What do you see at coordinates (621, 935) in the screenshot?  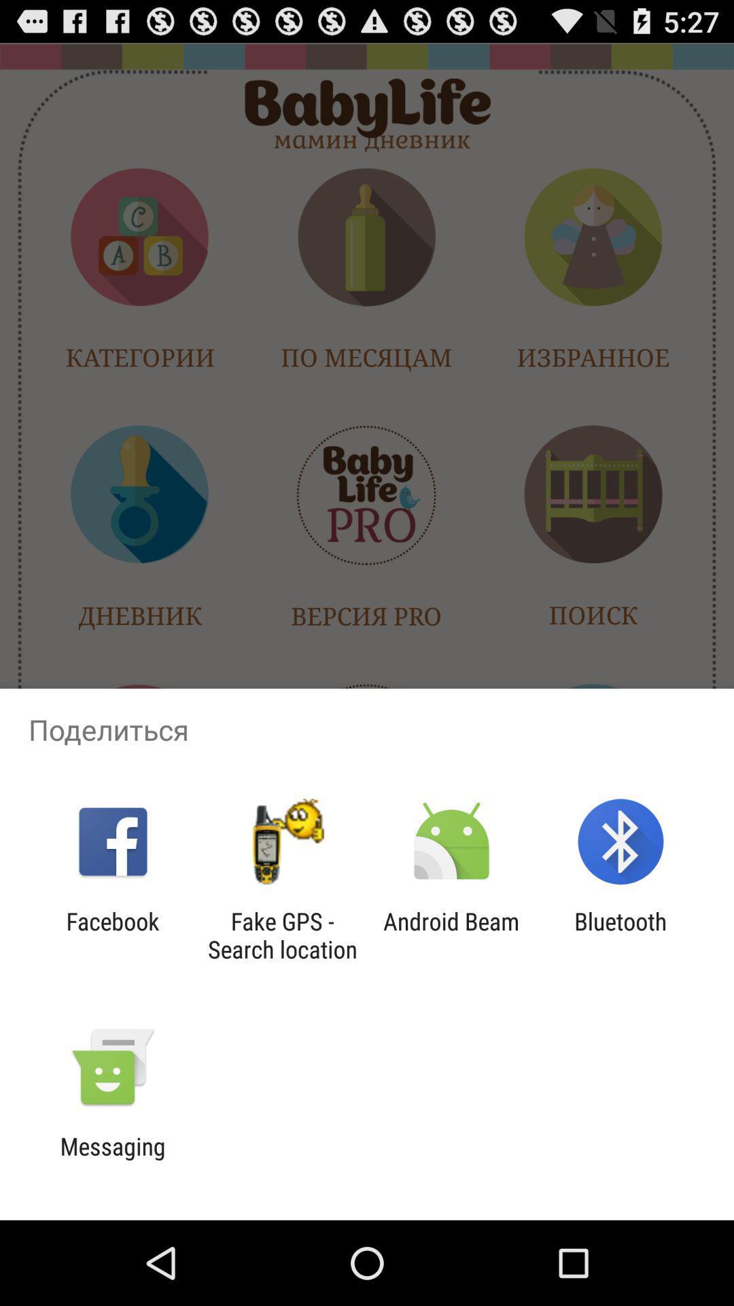 I see `the item at the bottom right corner` at bounding box center [621, 935].